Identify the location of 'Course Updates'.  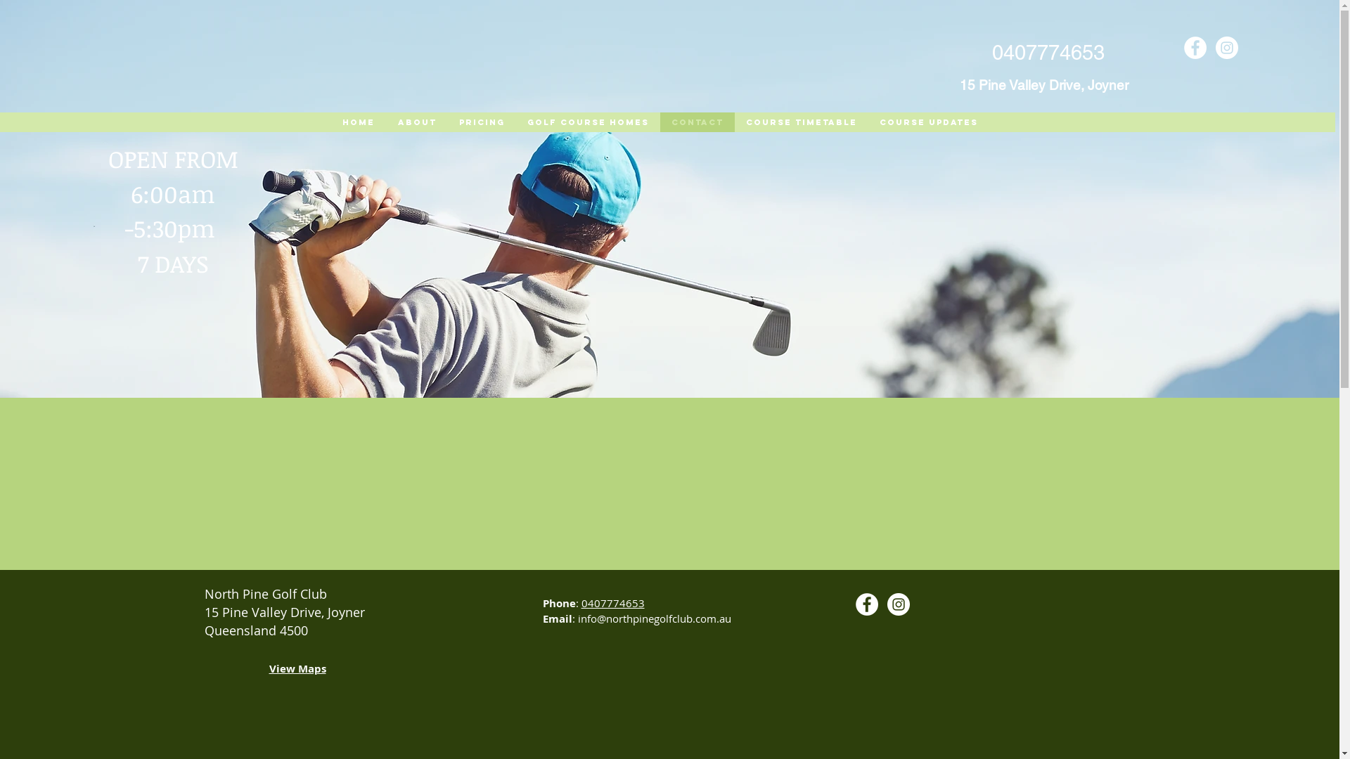
(866, 121).